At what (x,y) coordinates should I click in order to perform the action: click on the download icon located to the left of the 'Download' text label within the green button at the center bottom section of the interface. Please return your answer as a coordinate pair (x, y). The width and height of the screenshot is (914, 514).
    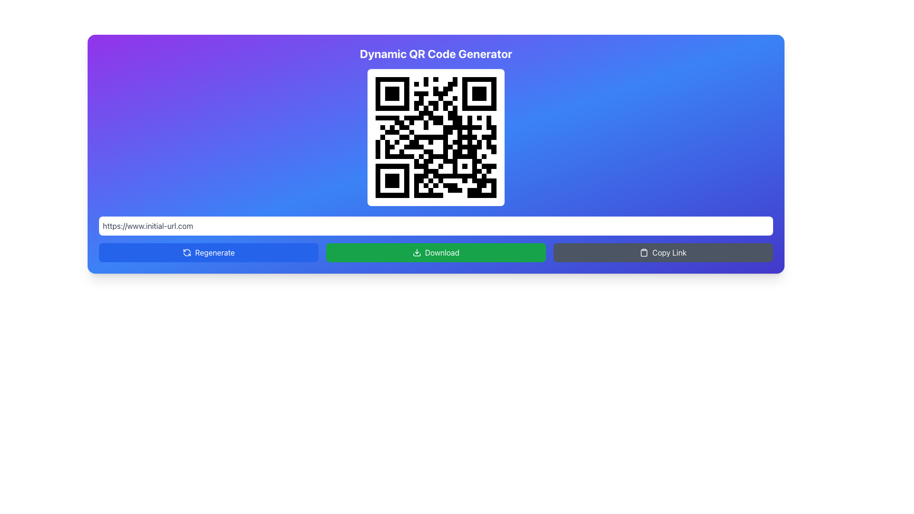
    Looking at the image, I should click on (417, 252).